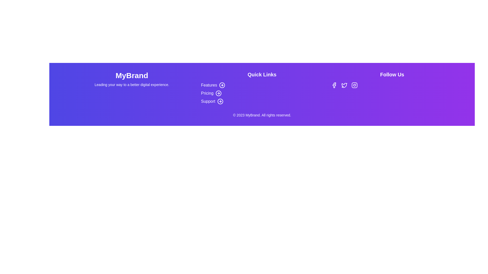 The width and height of the screenshot is (488, 274). What do you see at coordinates (132, 84) in the screenshot?
I see `the text label that reads 'Leading your way to a better digital experience.', which is positioned beneath the heading 'MyBrand' and centered horizontally` at bounding box center [132, 84].